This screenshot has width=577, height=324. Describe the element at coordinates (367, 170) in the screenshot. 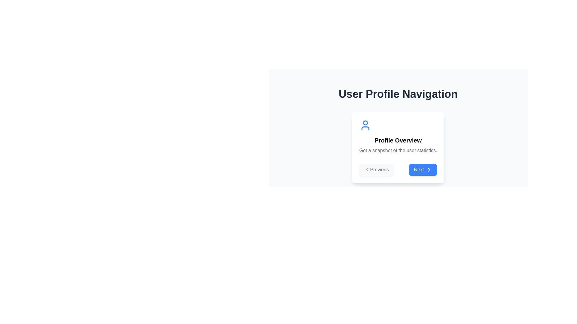

I see `the chevron icon within the 'Previous' button located at the bottom-left corner of the 'Profile Overview' card` at that location.